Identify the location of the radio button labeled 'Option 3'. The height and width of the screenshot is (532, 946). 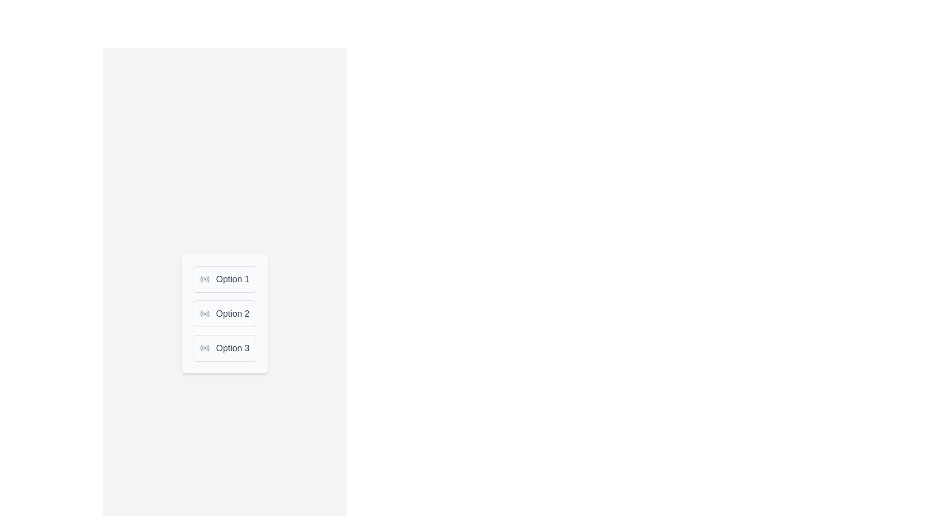
(224, 347).